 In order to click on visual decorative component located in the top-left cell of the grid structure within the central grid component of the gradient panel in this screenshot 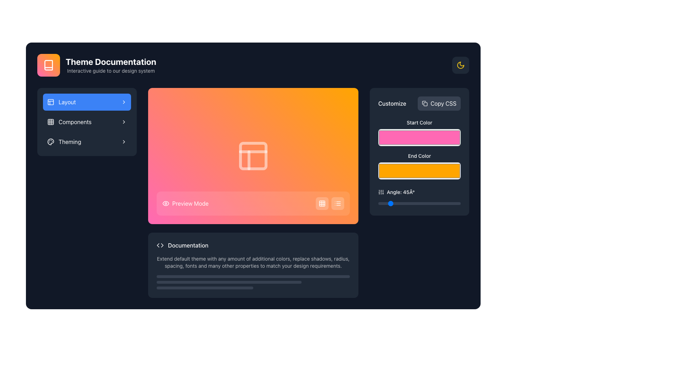, I will do `click(253, 155)`.